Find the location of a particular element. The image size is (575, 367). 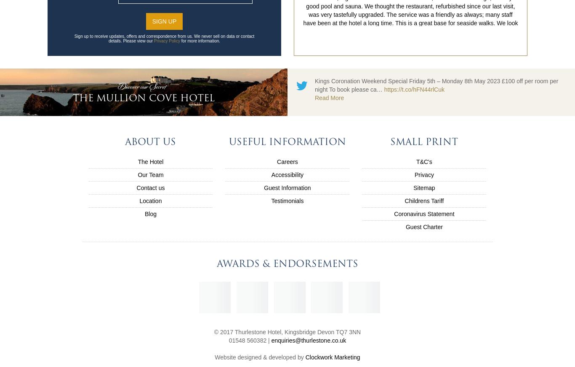

'© 2017 Thurlestone Hotel, Kingsbridge Devon TQ7 3NN' is located at coordinates (287, 332).